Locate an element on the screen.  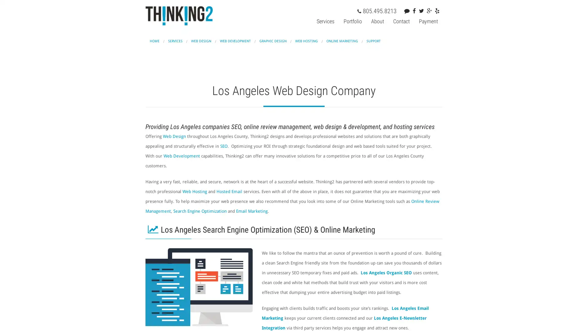
Services is located at coordinates (325, 21).